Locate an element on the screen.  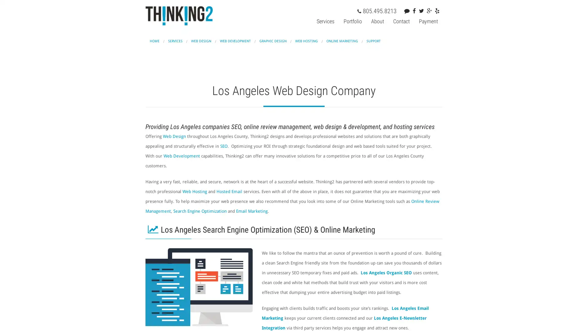
Services is located at coordinates (325, 21).